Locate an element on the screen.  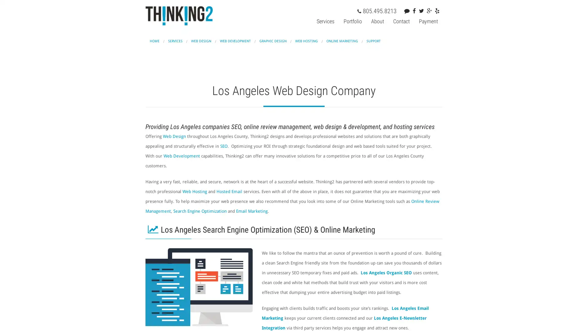
Services is located at coordinates (325, 21).